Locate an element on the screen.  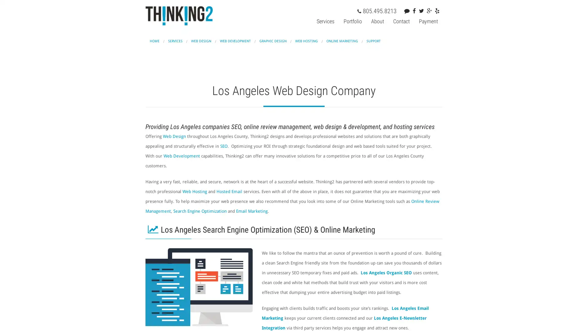
Services is located at coordinates (325, 21).